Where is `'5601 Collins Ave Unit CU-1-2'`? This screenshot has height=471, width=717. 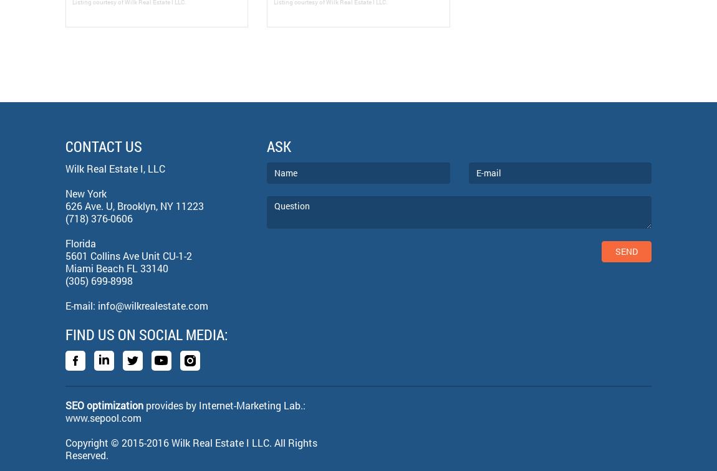
'5601 Collins Ave Unit CU-1-2' is located at coordinates (128, 255).